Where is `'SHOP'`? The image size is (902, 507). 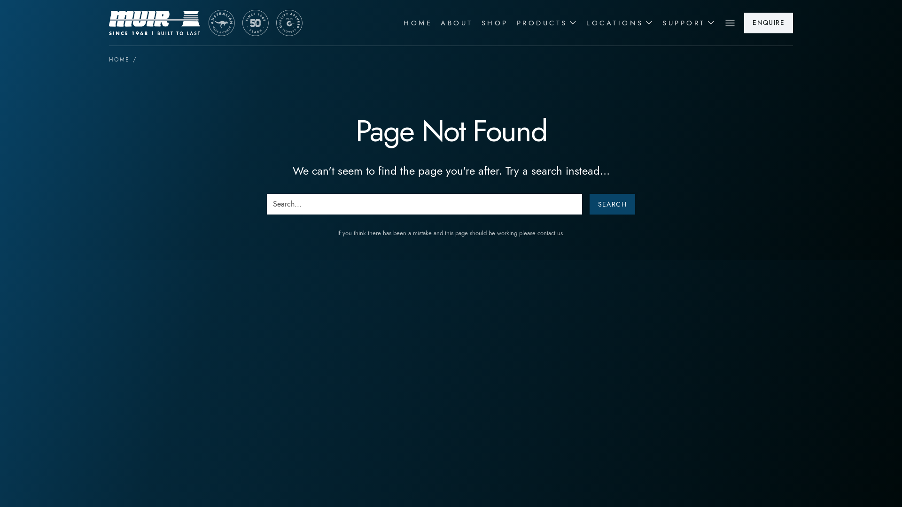 'SHOP' is located at coordinates (494, 23).